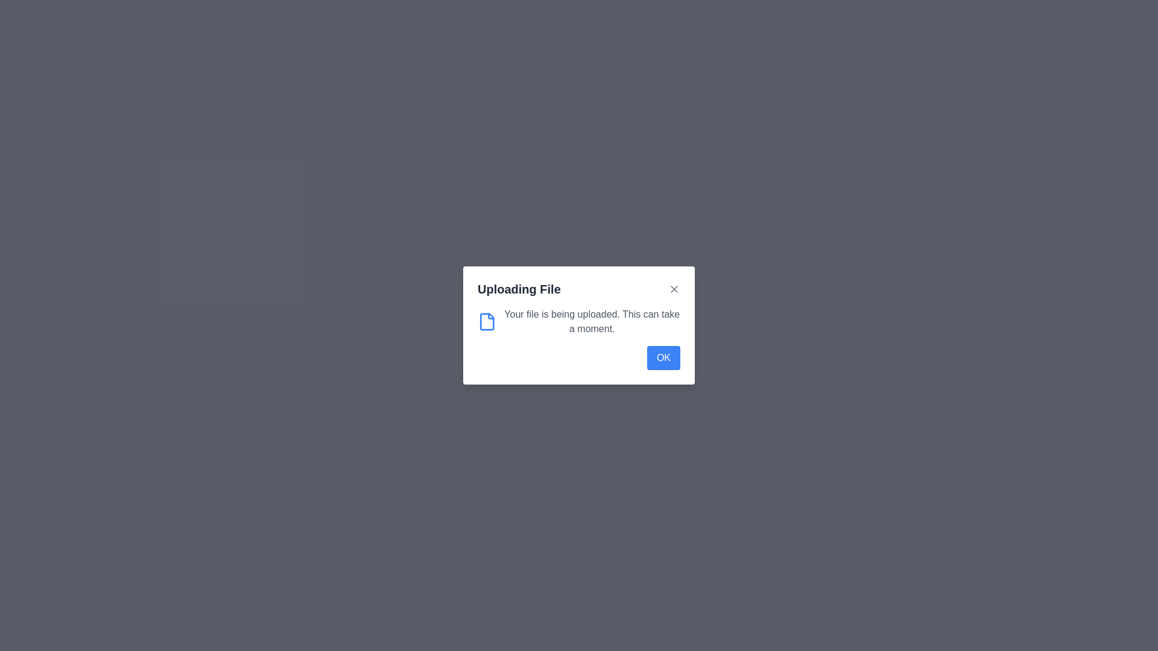  What do you see at coordinates (674, 289) in the screenshot?
I see `the close button with an 'X' symbol in the top-right corner of the modal titled 'Uploading File' to change its color` at bounding box center [674, 289].